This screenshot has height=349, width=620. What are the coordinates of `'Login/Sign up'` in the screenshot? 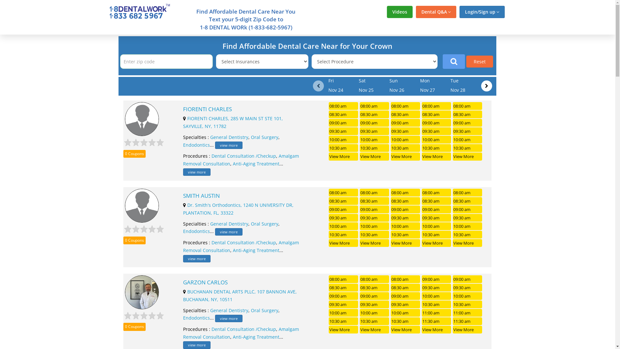 It's located at (459, 12).